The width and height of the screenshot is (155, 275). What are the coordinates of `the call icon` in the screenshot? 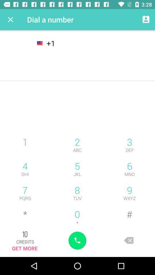 It's located at (77, 240).